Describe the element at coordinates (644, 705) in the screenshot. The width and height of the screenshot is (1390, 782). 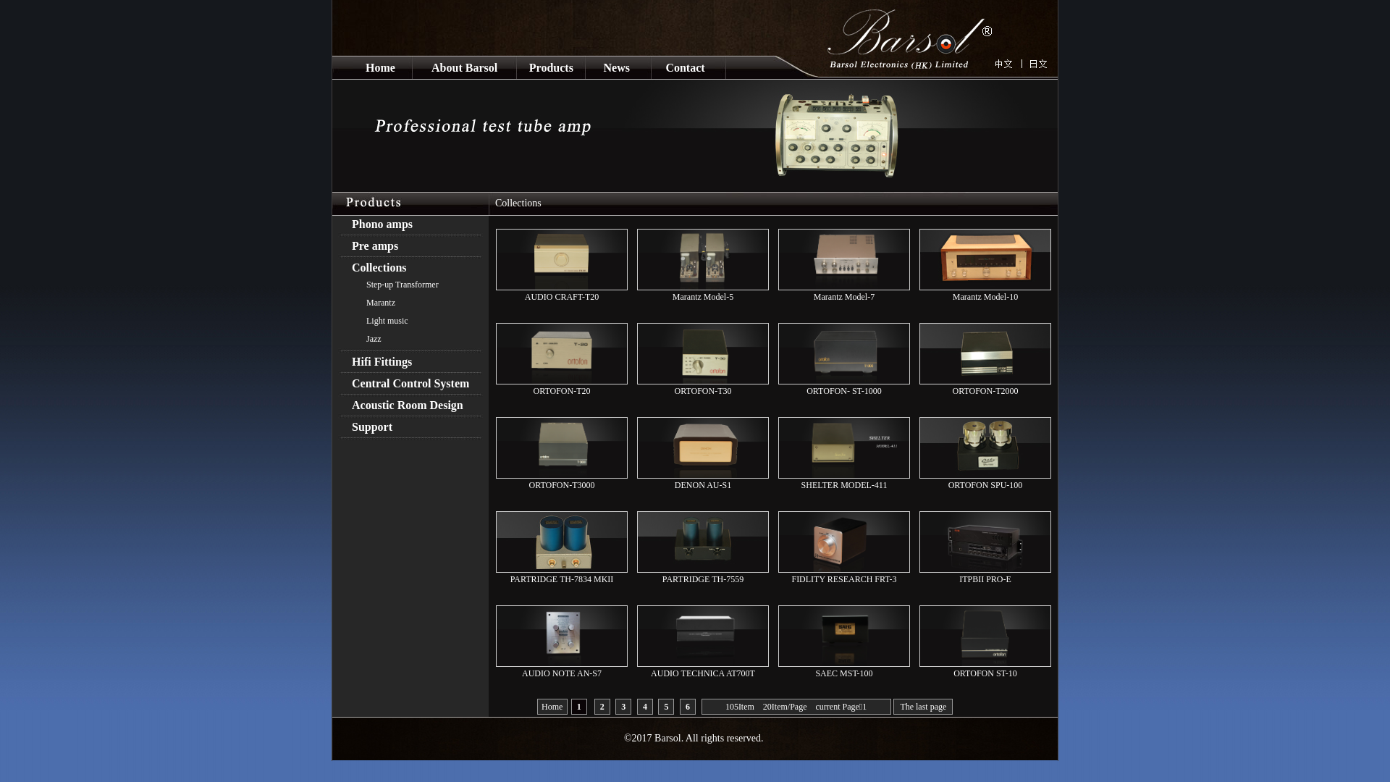
I see `'4'` at that location.